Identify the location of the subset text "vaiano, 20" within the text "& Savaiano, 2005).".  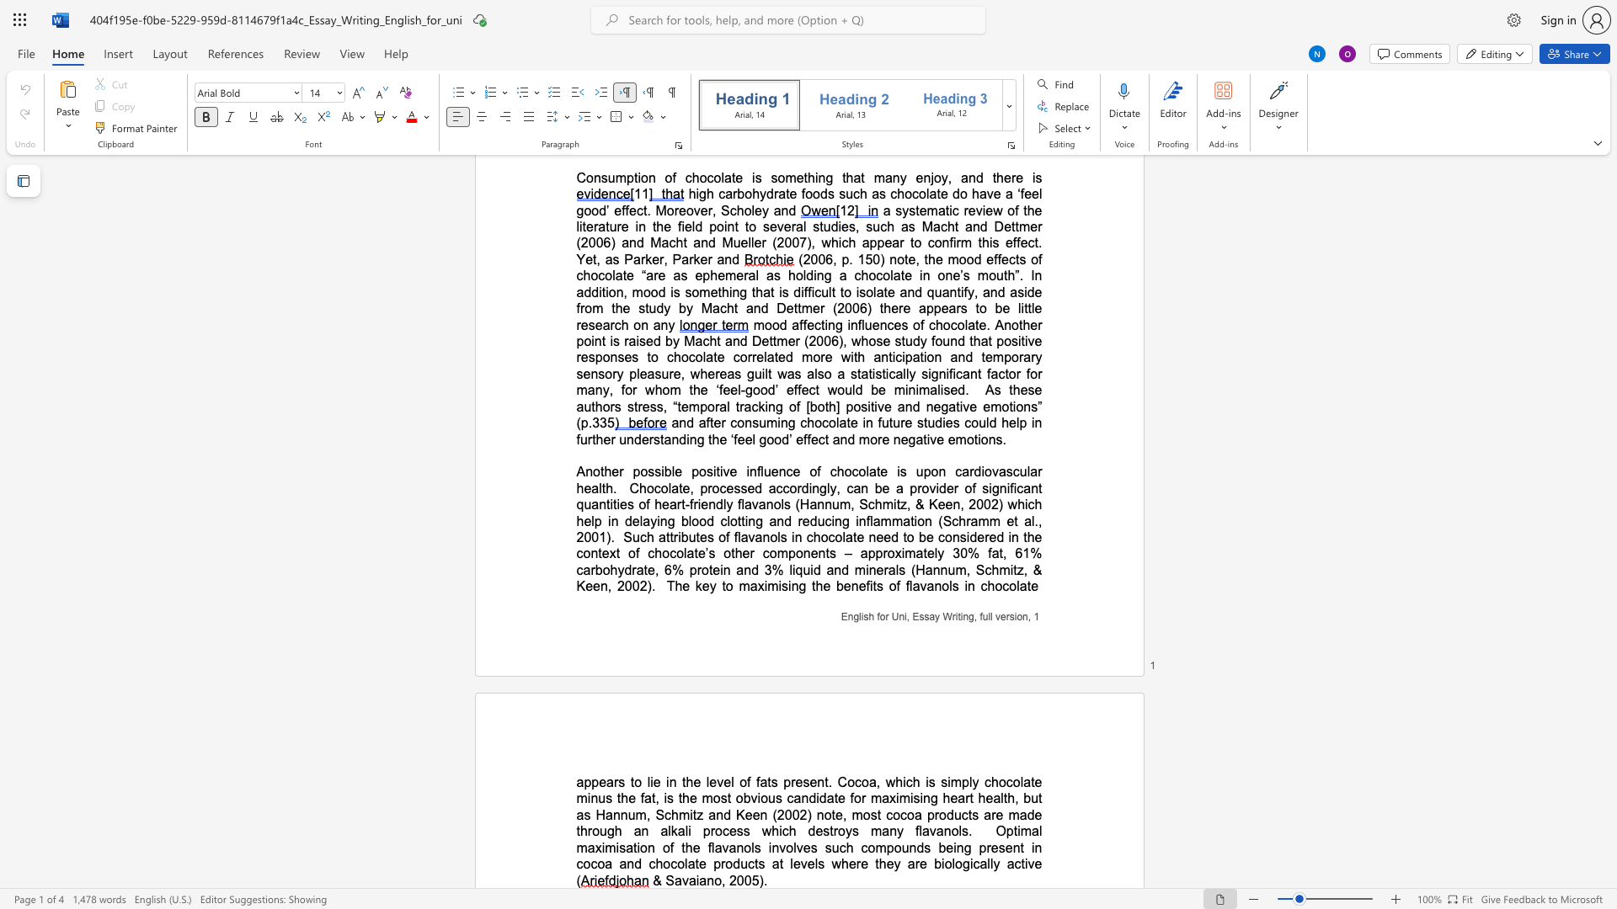
(681, 879).